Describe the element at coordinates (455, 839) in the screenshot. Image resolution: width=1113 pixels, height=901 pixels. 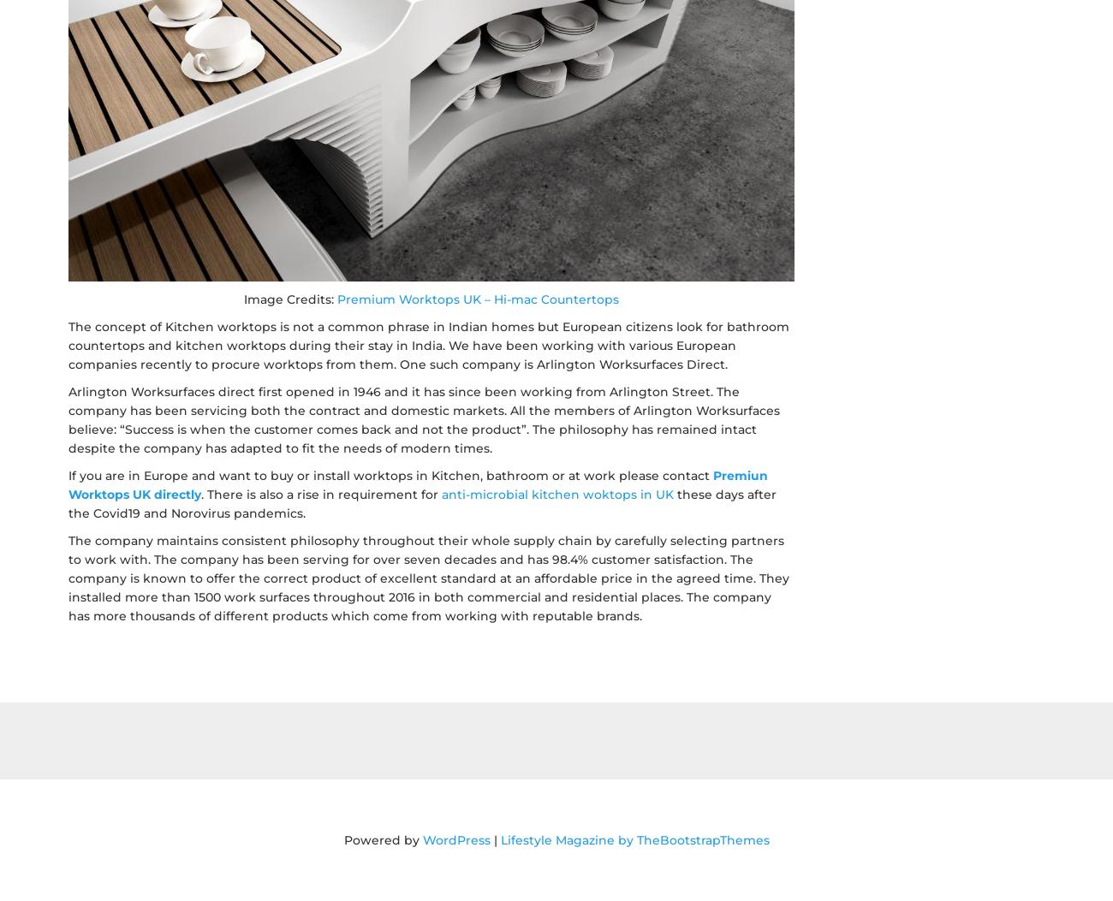
I see `'WordPress'` at that location.